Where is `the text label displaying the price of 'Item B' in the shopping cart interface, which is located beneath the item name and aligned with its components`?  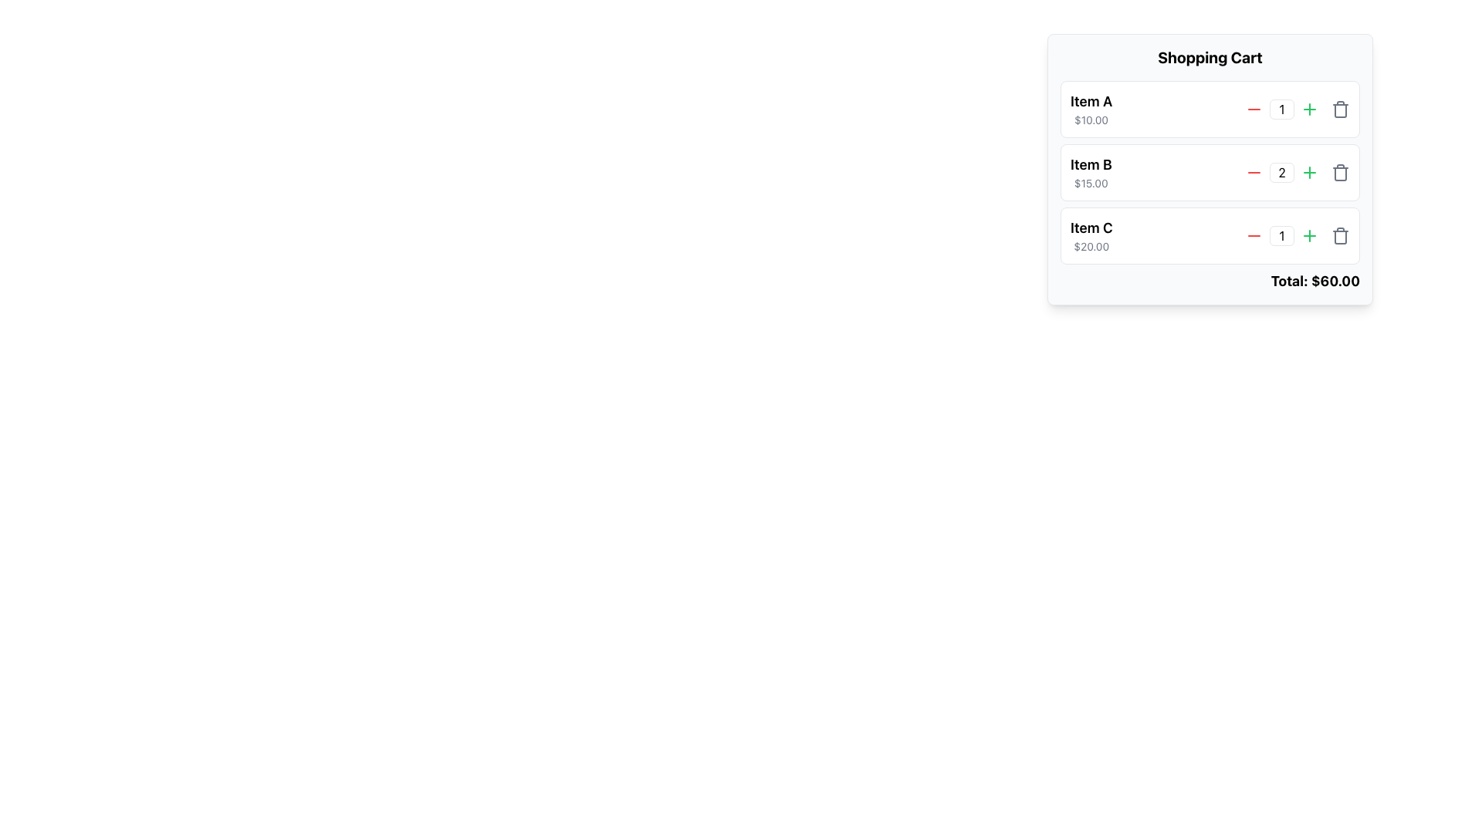
the text label displaying the price of 'Item B' in the shopping cart interface, which is located beneath the item name and aligned with its components is located at coordinates (1090, 183).